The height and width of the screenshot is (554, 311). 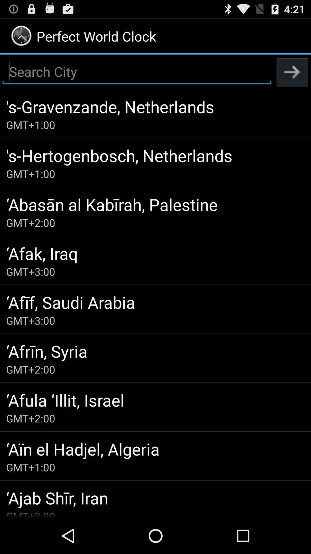 What do you see at coordinates (155, 253) in the screenshot?
I see `the icon below the gmt+2:00` at bounding box center [155, 253].